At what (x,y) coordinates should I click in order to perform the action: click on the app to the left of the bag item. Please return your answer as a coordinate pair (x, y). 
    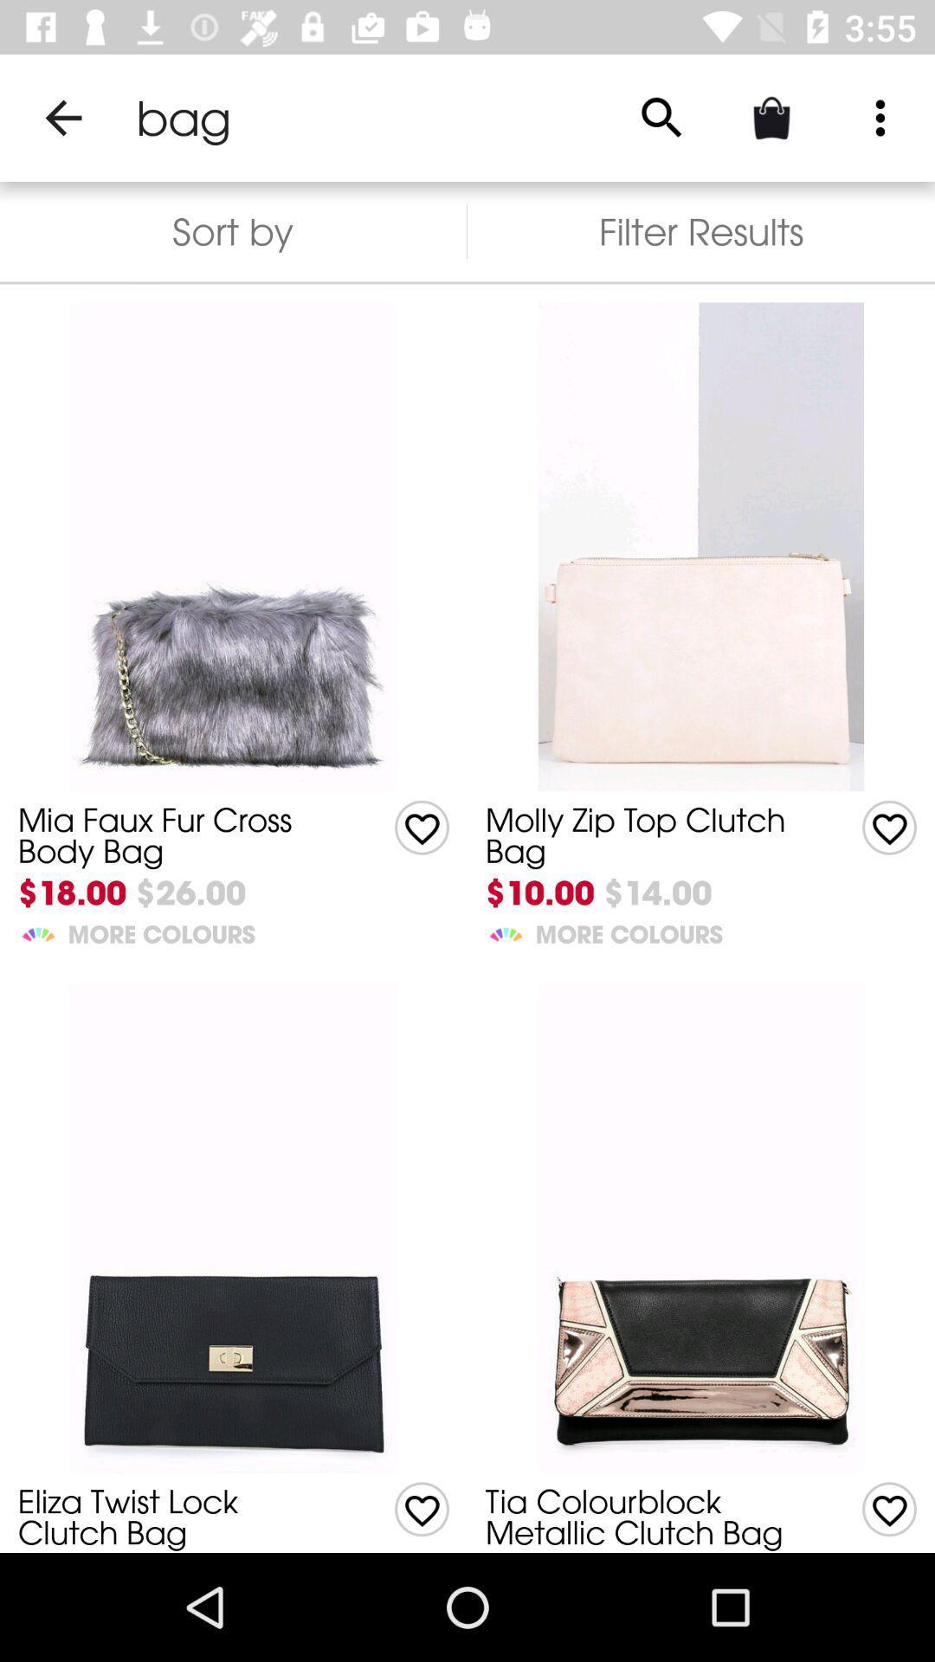
    Looking at the image, I should click on (62, 117).